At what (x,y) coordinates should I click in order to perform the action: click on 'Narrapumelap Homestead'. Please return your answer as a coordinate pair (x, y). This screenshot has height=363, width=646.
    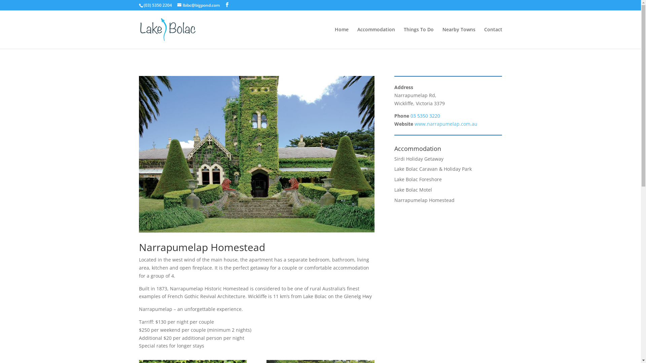
    Looking at the image, I should click on (424, 200).